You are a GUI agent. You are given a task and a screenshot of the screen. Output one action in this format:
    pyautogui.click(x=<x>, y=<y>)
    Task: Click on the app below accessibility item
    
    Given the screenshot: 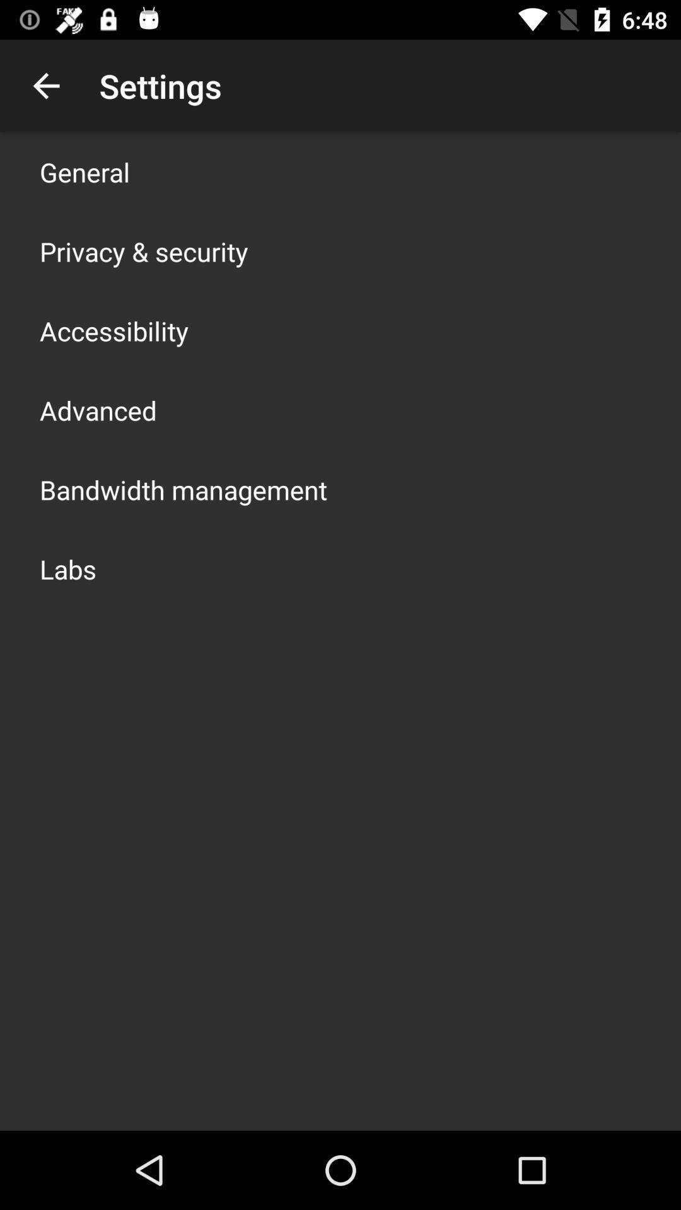 What is the action you would take?
    pyautogui.click(x=97, y=410)
    